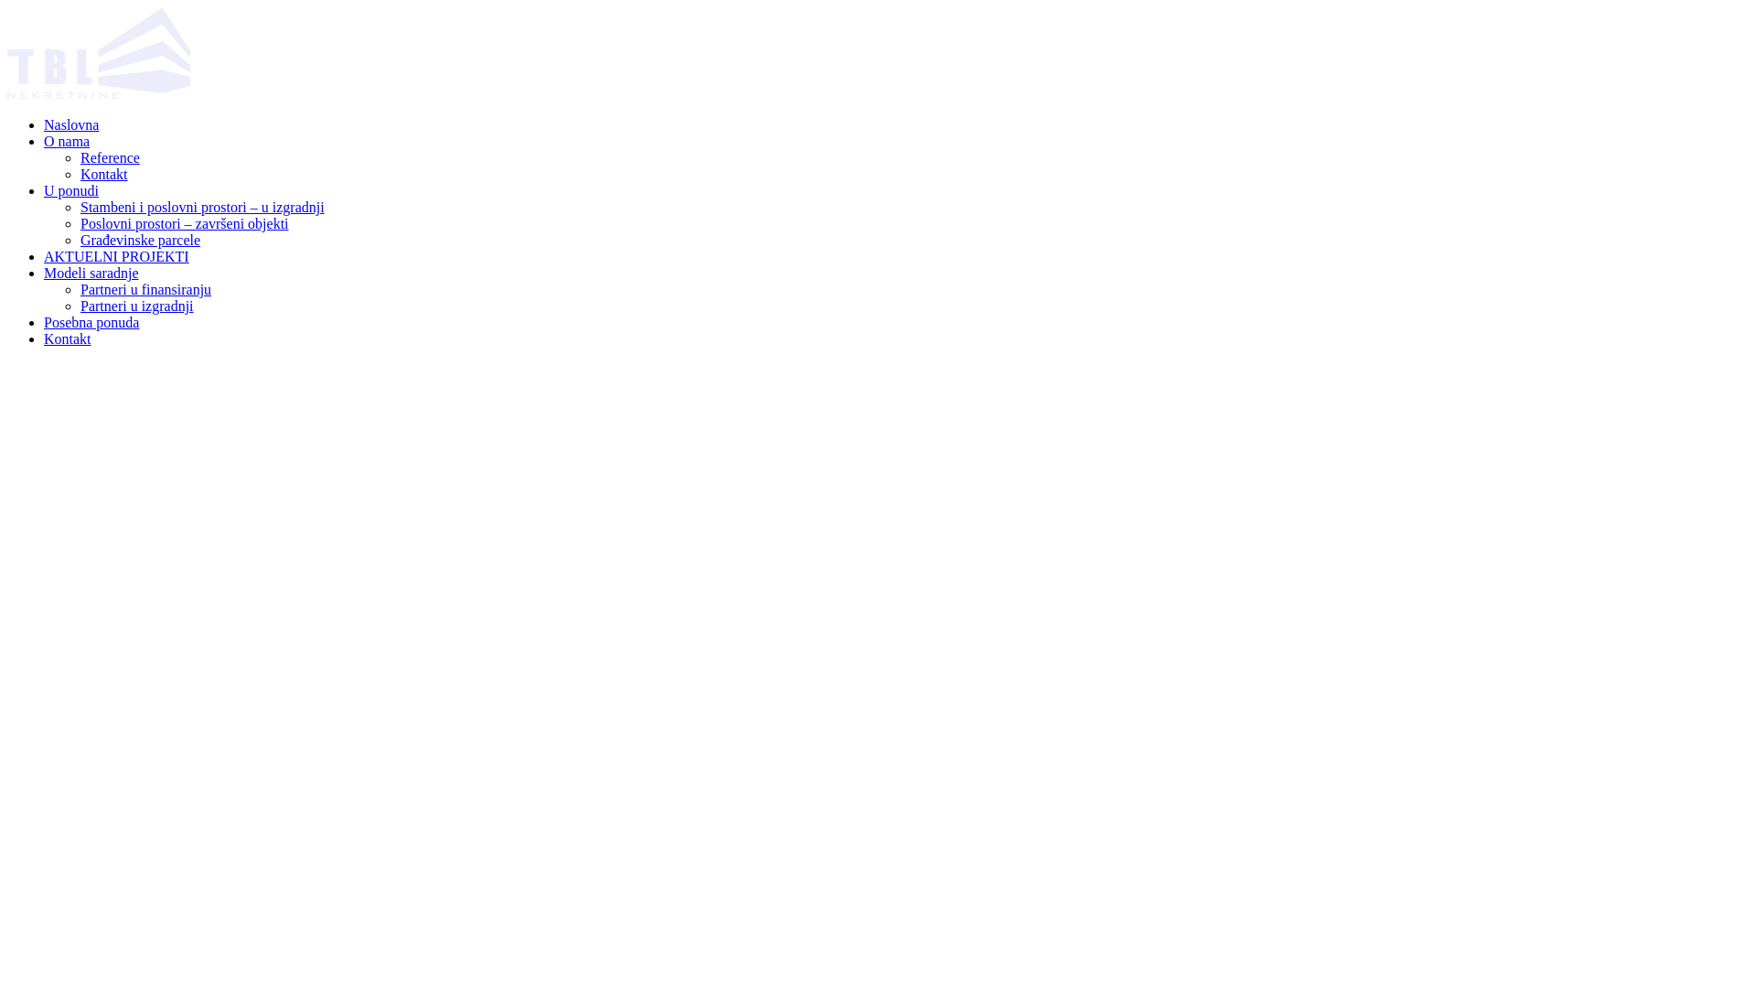 Image resolution: width=1756 pixels, height=988 pixels. Describe the element at coordinates (109, 156) in the screenshot. I see `'Reference'` at that location.